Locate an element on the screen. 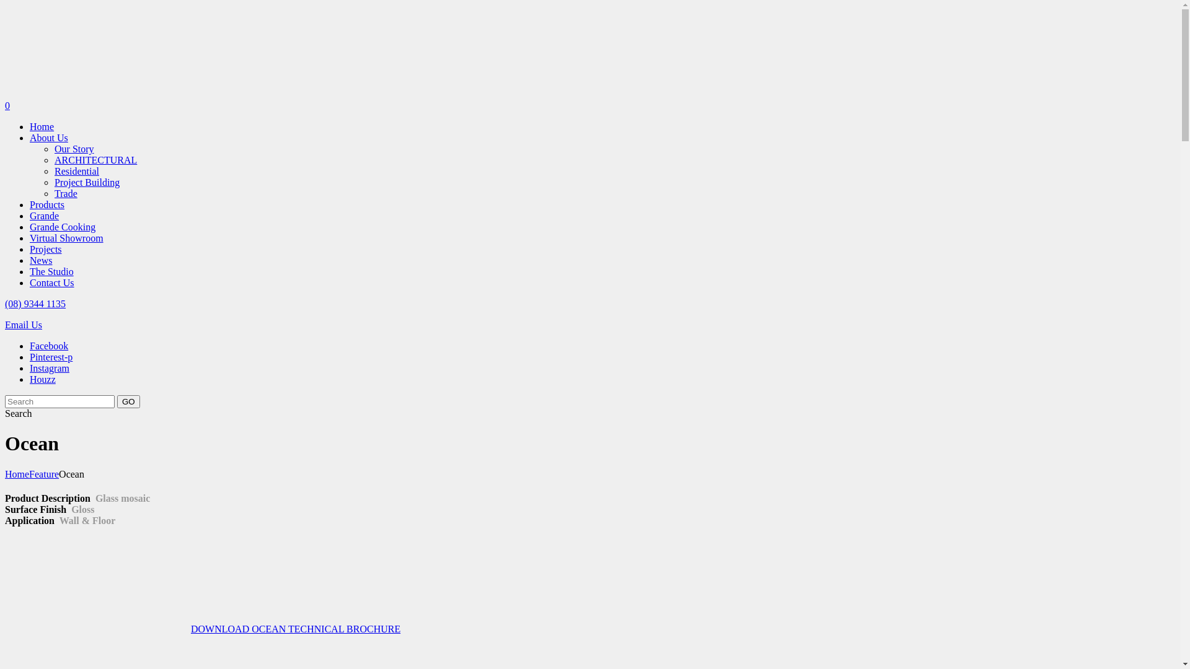  'Products' is located at coordinates (47, 204).